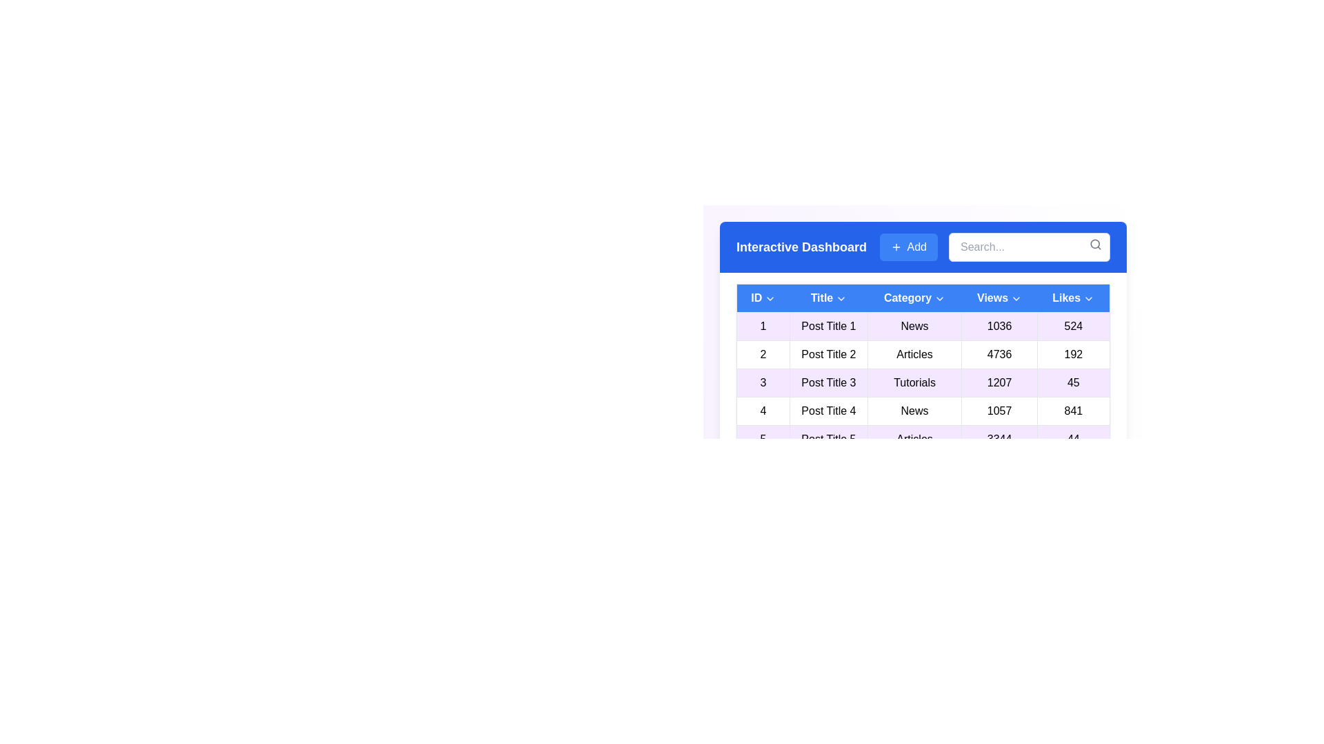 The width and height of the screenshot is (1324, 744). I want to click on the column header to sort by ID, so click(763, 297).